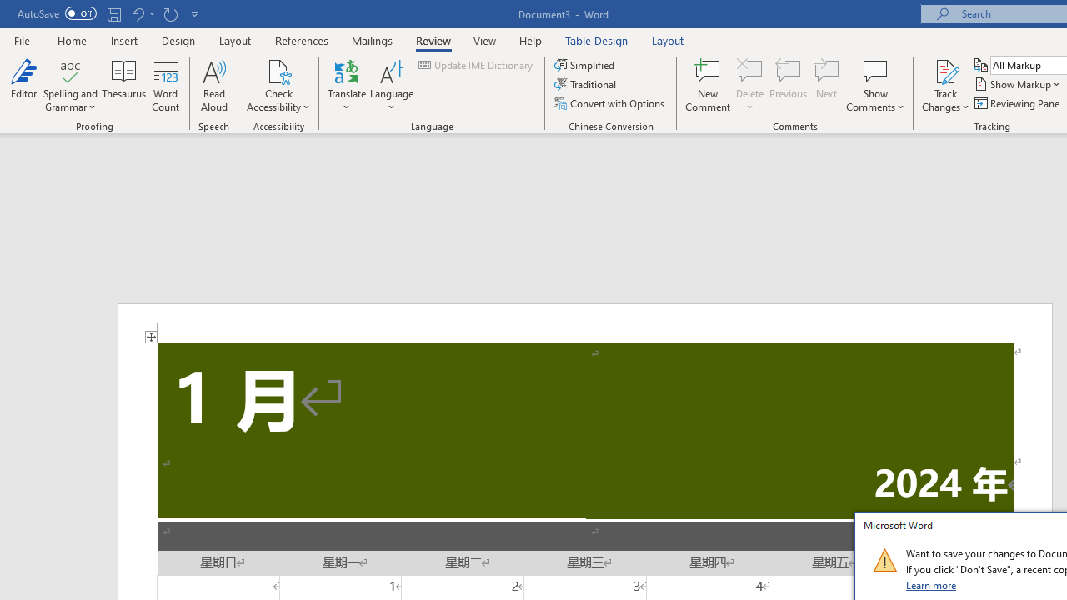 The width and height of the screenshot is (1067, 600). I want to click on 'Previous', so click(788, 86).